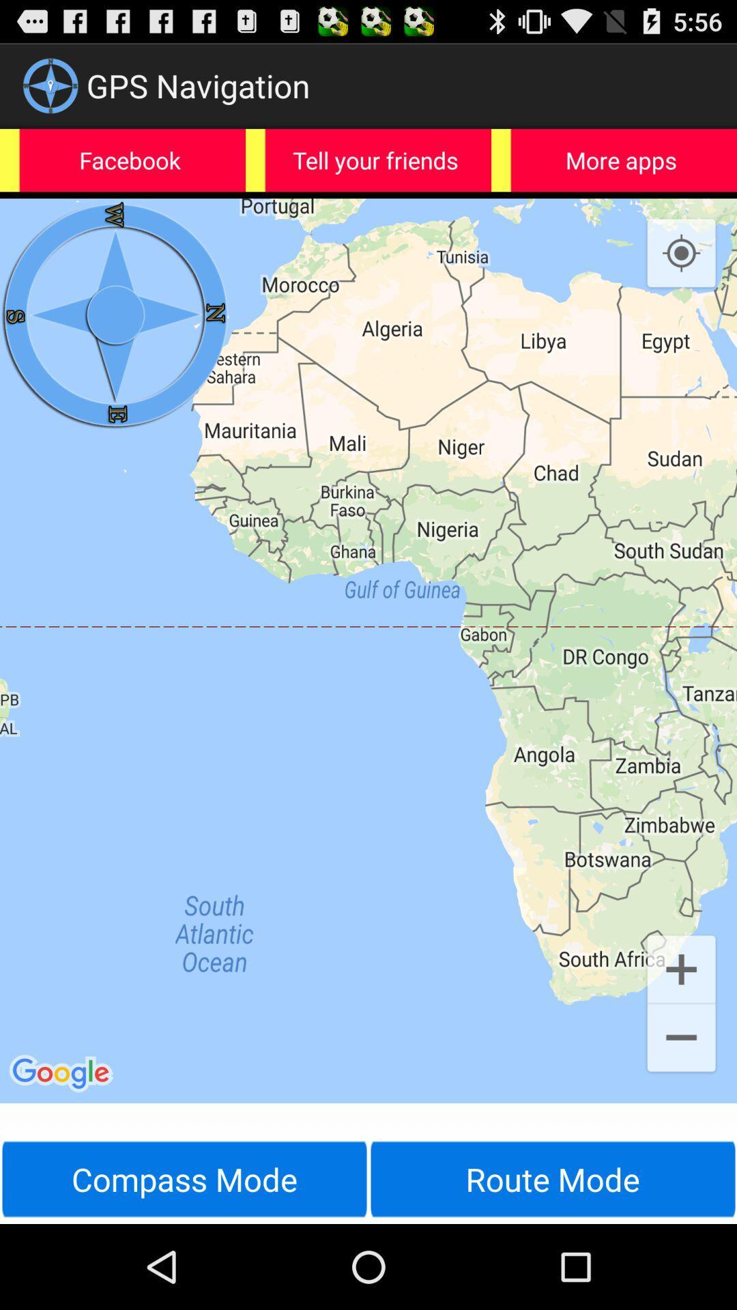 The image size is (737, 1310). I want to click on the location_crosshair icon, so click(681, 272).